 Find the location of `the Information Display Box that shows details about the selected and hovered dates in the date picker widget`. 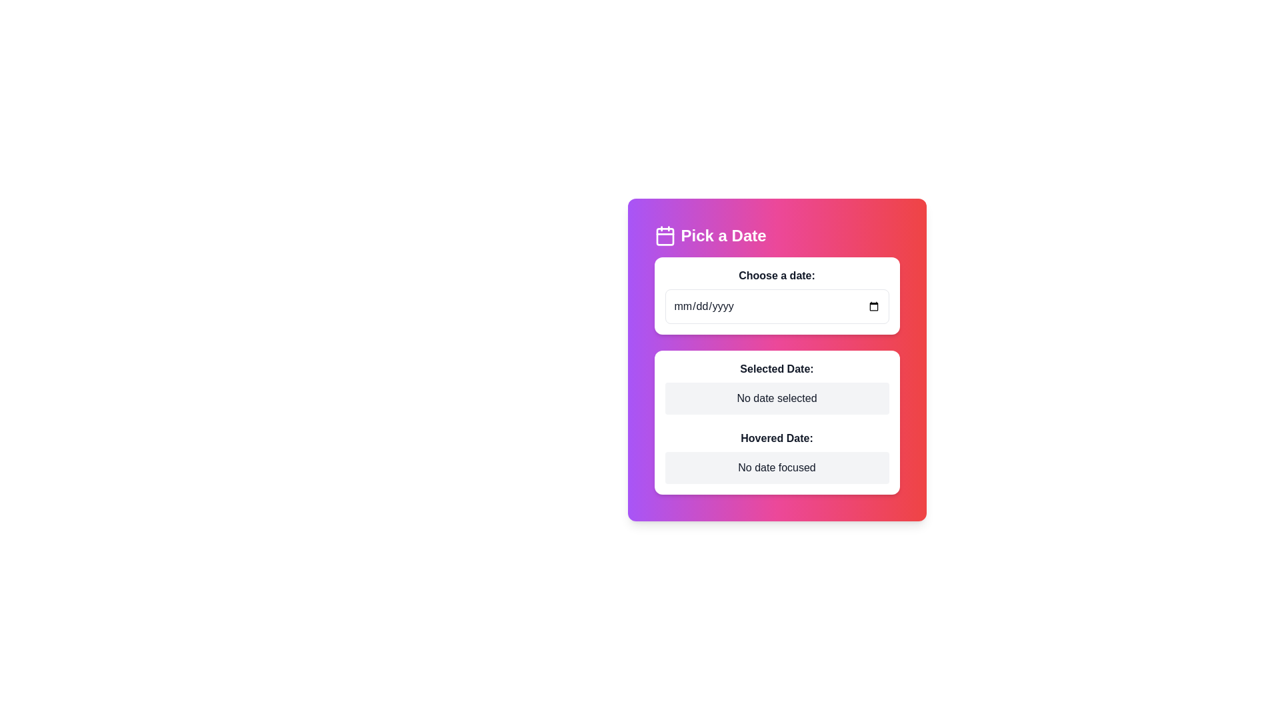

the Information Display Box that shows details about the selected and hovered dates in the date picker widget is located at coordinates (777, 422).